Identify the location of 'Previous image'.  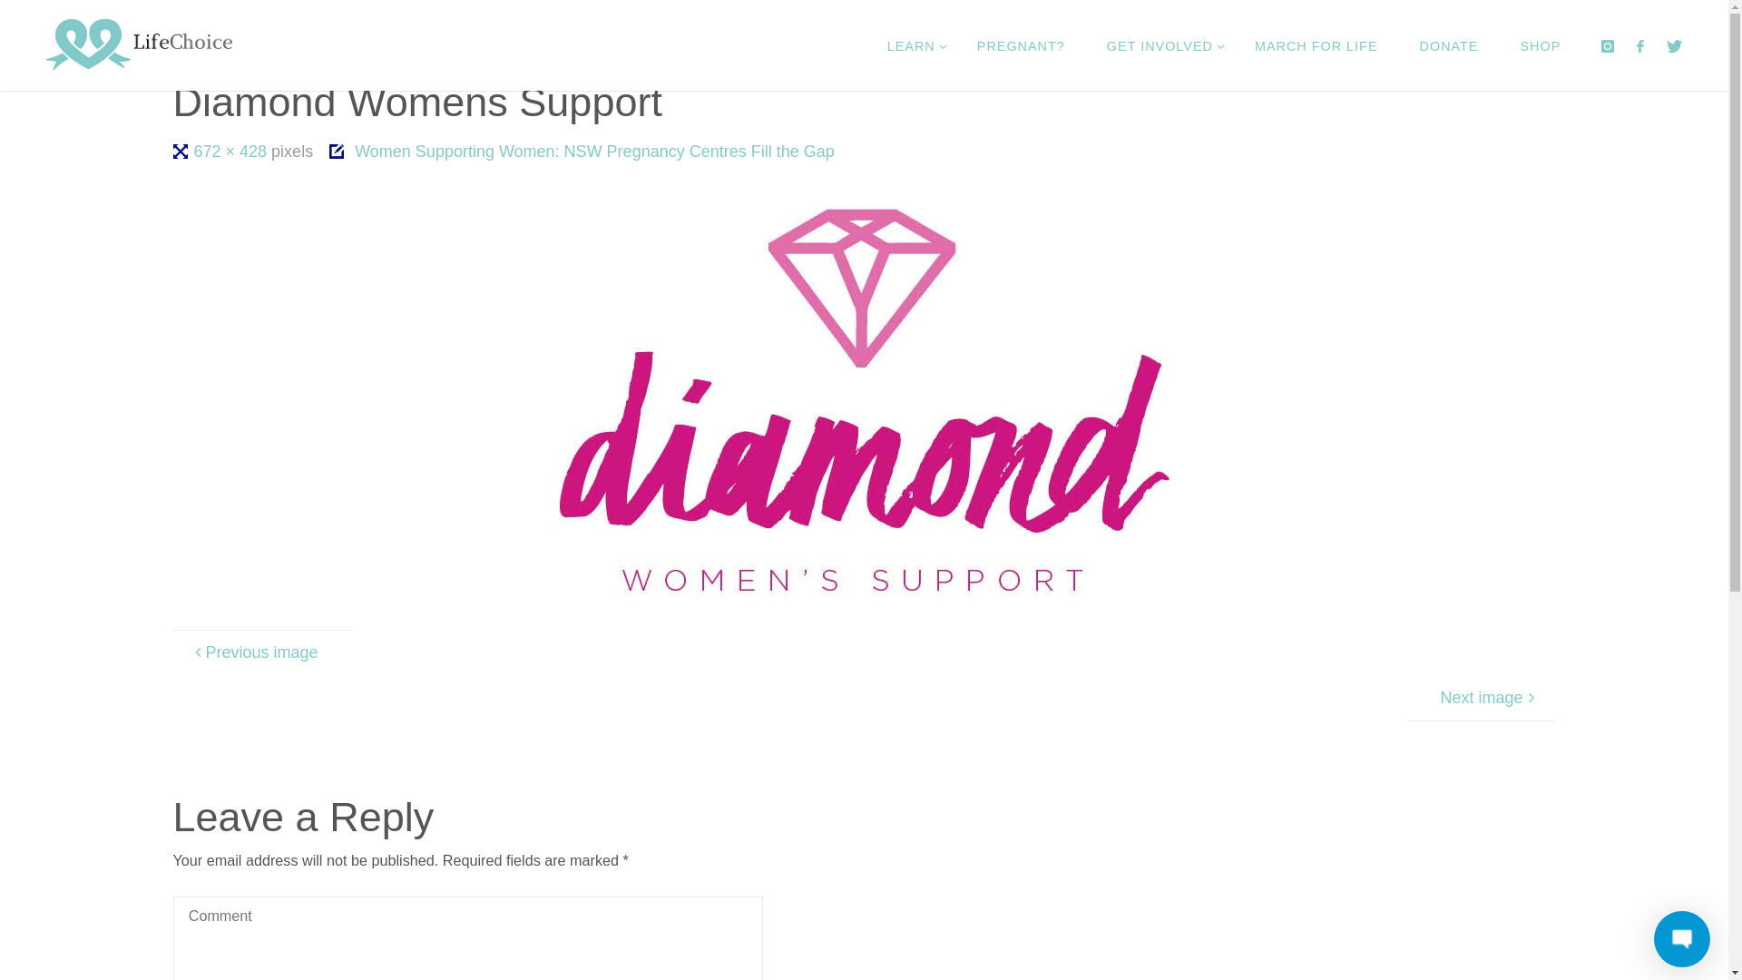
(260, 651).